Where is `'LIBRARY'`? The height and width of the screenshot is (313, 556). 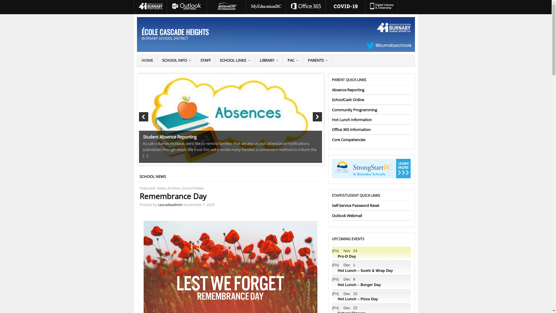
'LIBRARY' is located at coordinates (268, 61).